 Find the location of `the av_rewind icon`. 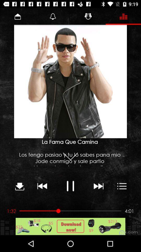

the av_rewind icon is located at coordinates (42, 186).